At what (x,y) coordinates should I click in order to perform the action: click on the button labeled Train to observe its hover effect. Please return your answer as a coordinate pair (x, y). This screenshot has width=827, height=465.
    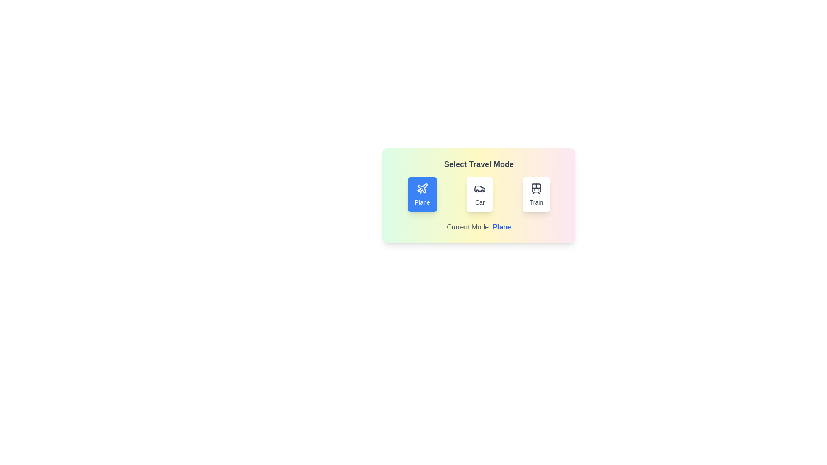
    Looking at the image, I should click on (535, 194).